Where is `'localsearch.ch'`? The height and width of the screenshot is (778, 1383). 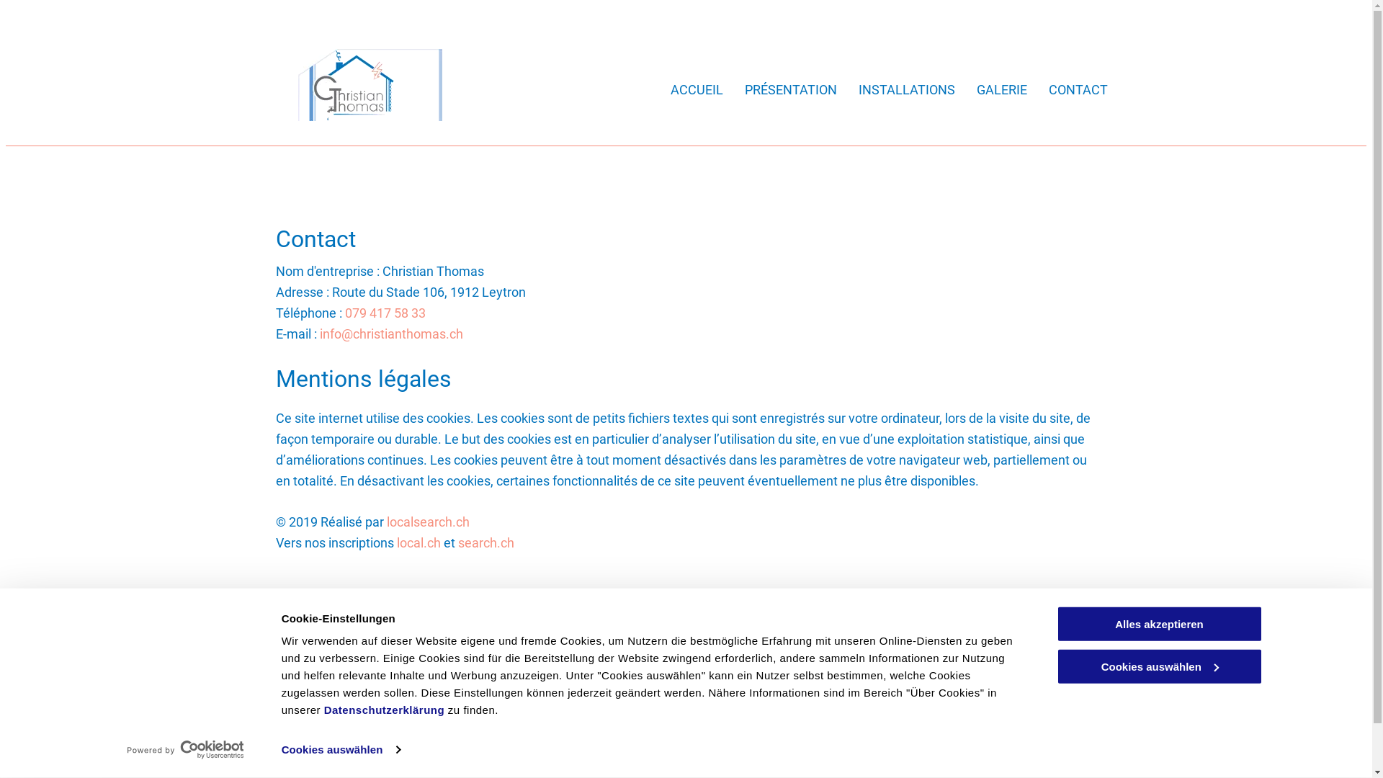 'localsearch.ch' is located at coordinates (426, 522).